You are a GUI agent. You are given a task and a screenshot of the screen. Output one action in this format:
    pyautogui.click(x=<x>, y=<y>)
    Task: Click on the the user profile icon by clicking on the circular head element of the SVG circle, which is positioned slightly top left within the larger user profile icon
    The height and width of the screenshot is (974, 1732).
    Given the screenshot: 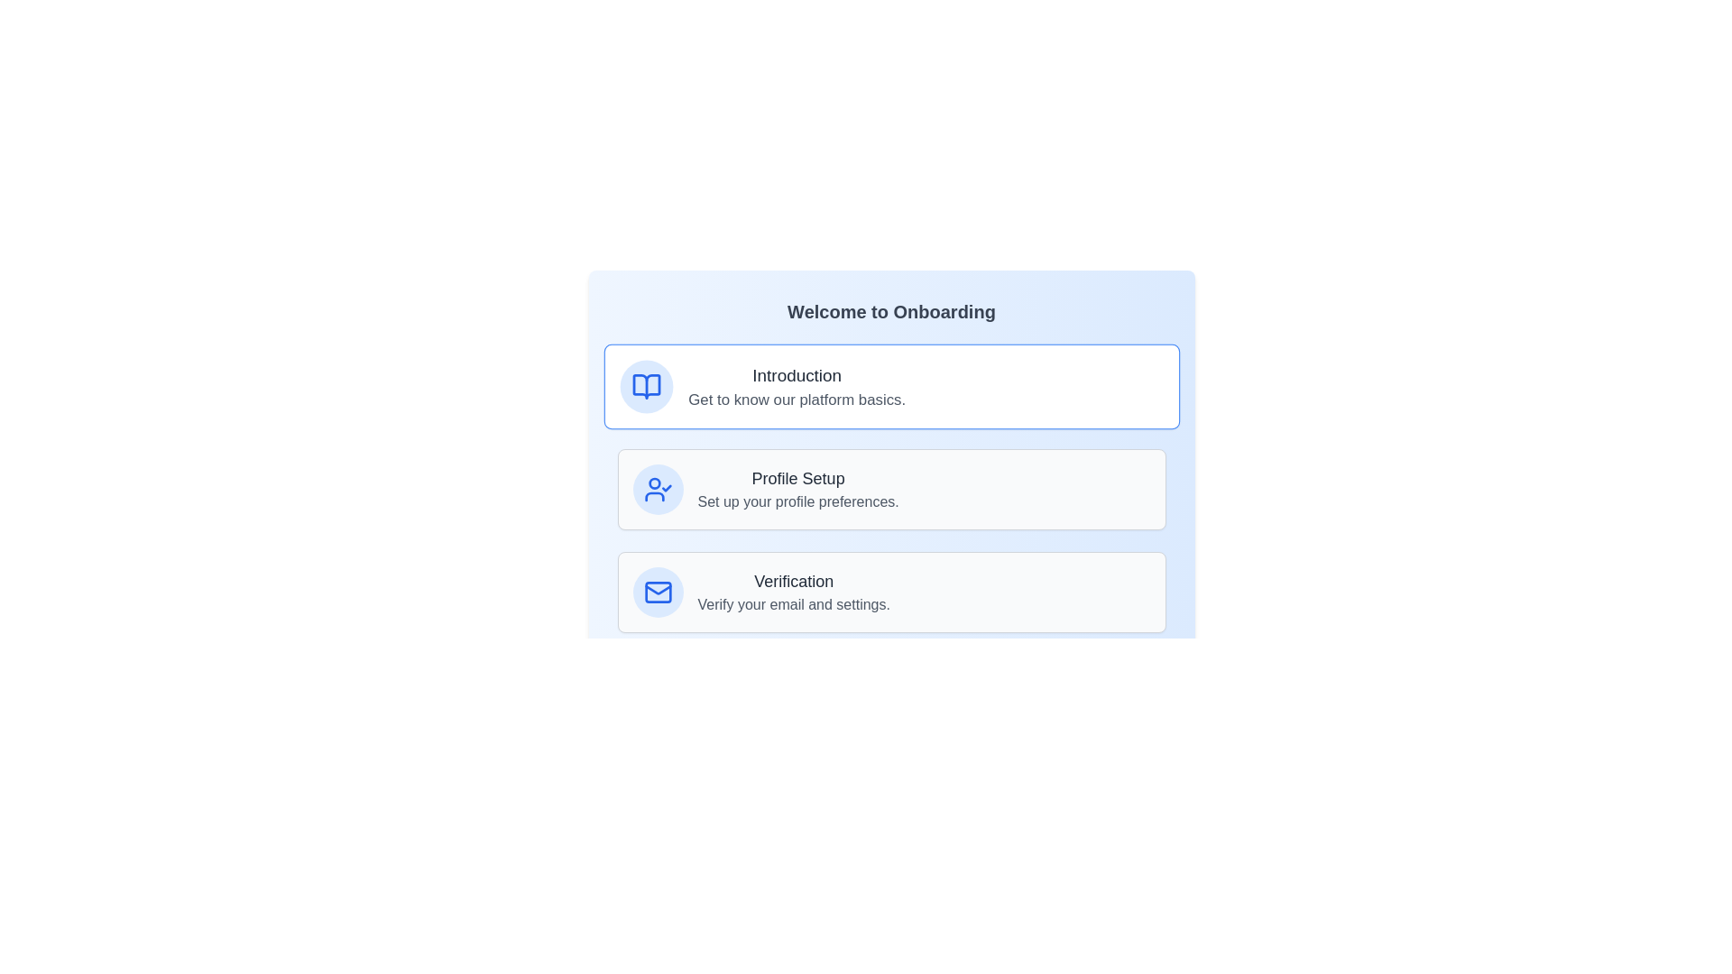 What is the action you would take?
    pyautogui.click(x=653, y=482)
    